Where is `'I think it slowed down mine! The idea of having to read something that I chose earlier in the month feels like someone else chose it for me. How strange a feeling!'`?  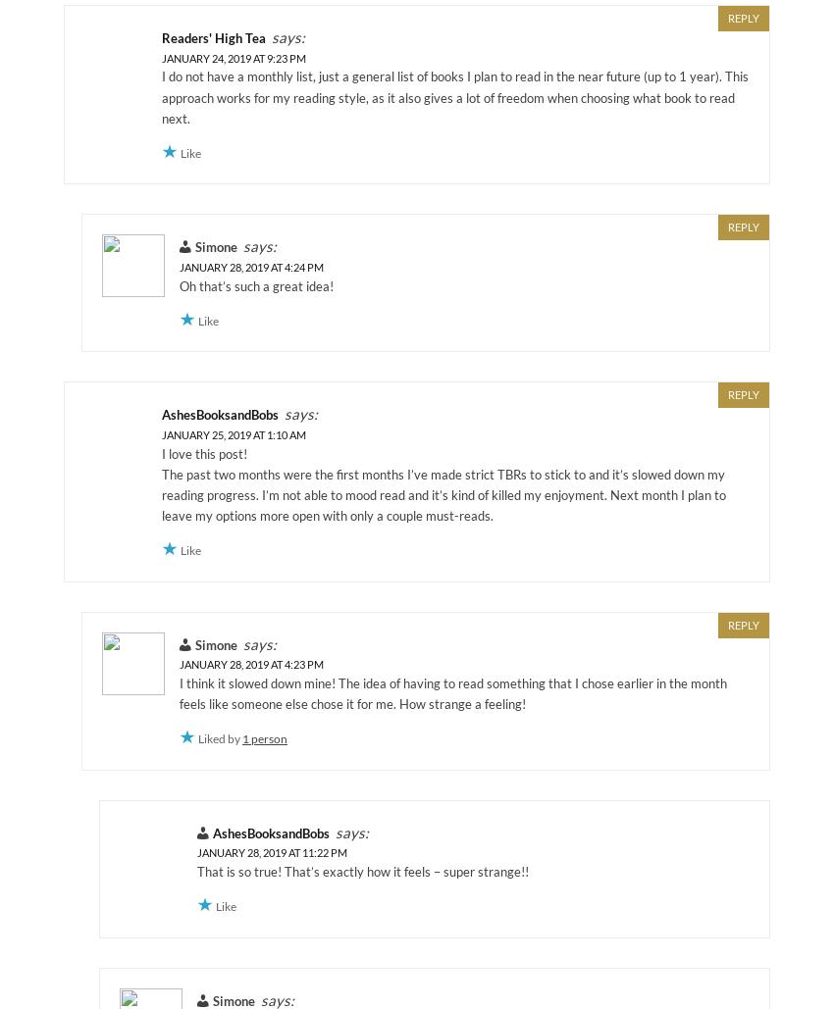
'I think it slowed down mine! The idea of having to read something that I chose earlier in the month feels like someone else chose it for me. How strange a feeling!' is located at coordinates (451, 692).